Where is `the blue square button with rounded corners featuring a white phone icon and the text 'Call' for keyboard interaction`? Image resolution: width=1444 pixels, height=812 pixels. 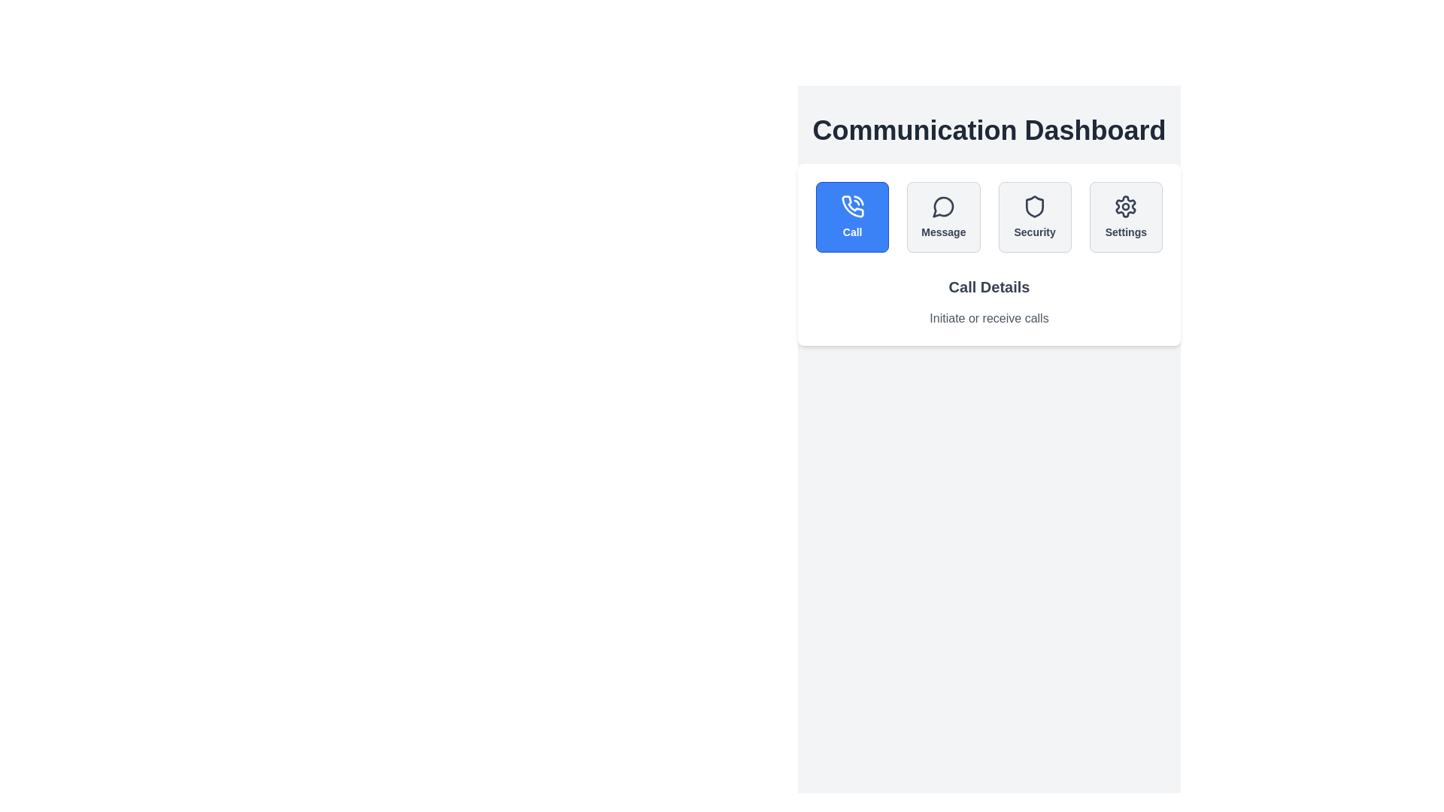
the blue square button with rounded corners featuring a white phone icon and the text 'Call' for keyboard interaction is located at coordinates (852, 217).